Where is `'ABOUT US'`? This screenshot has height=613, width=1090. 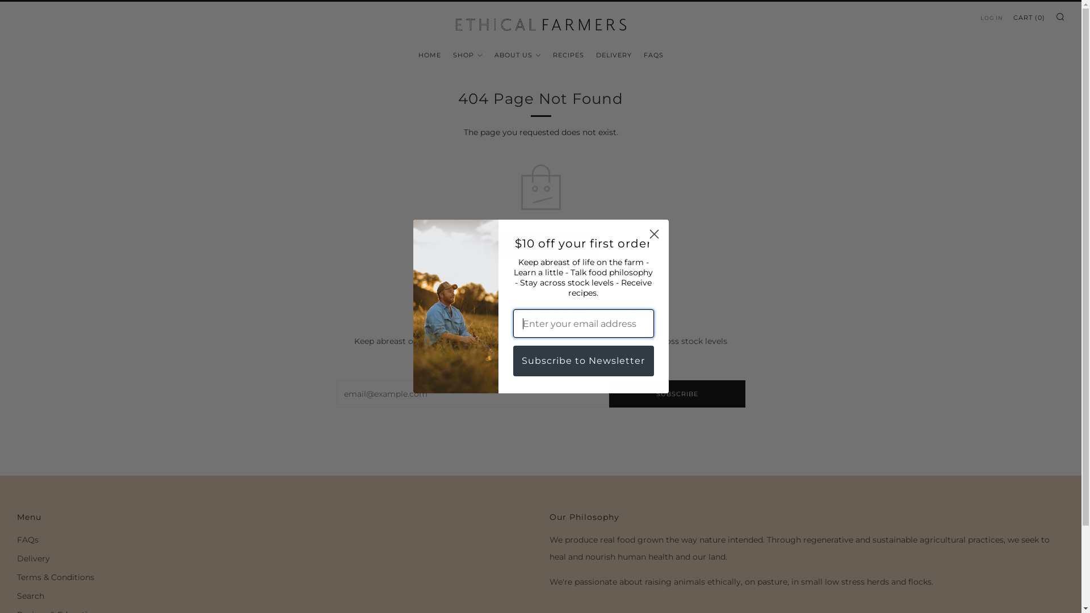
'ABOUT US' is located at coordinates (517, 54).